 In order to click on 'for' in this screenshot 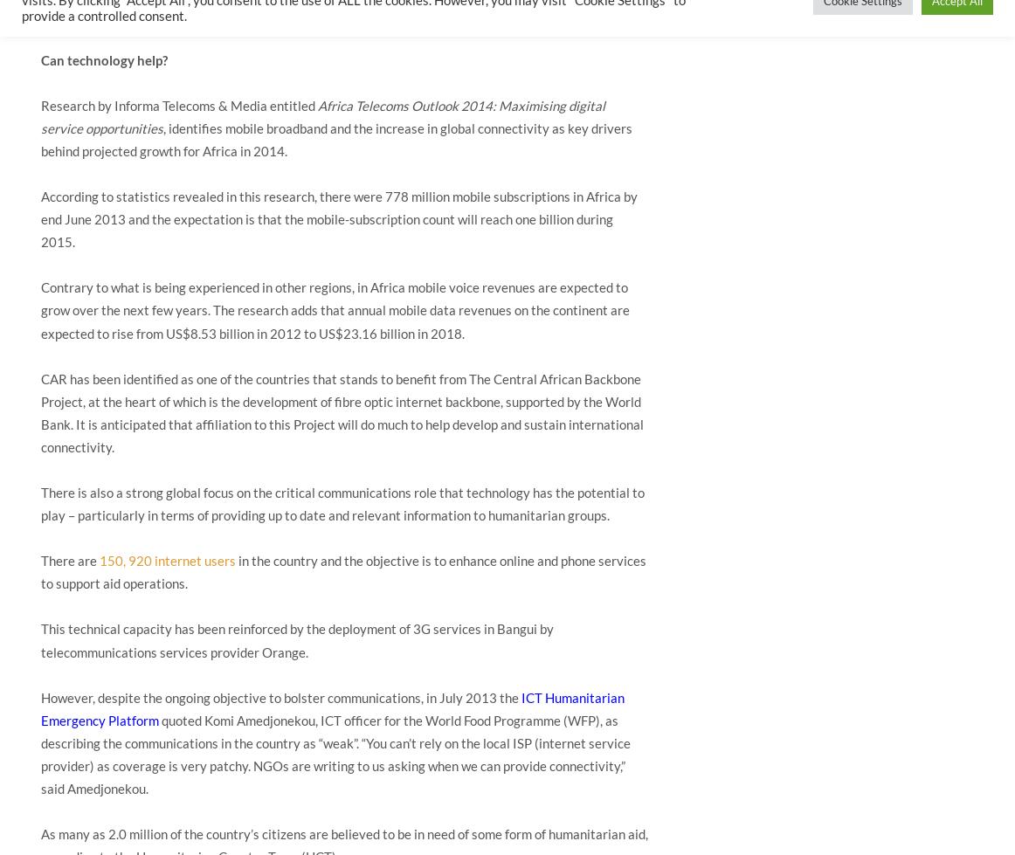, I will do `click(190, 150)`.